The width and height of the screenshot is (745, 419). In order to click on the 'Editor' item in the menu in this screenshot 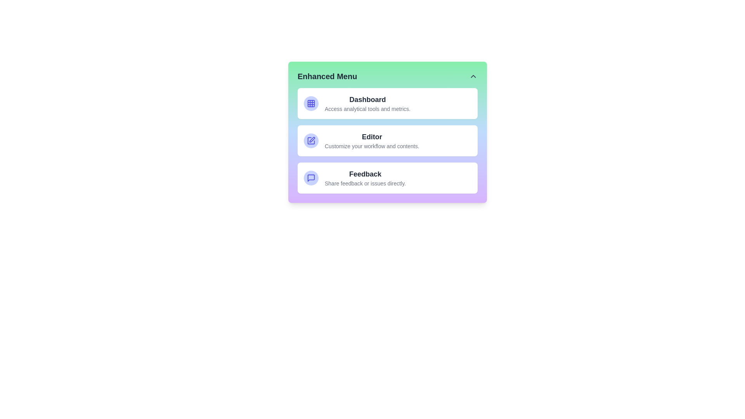, I will do `click(387, 140)`.